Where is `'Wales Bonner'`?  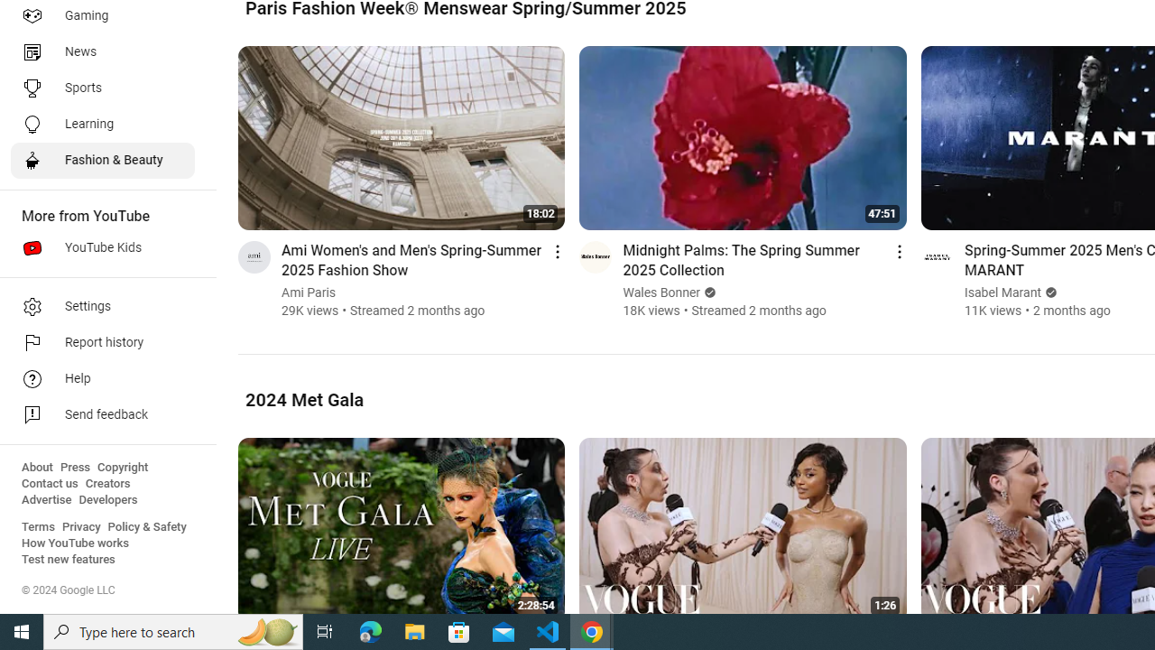
'Wales Bonner' is located at coordinates (661, 292).